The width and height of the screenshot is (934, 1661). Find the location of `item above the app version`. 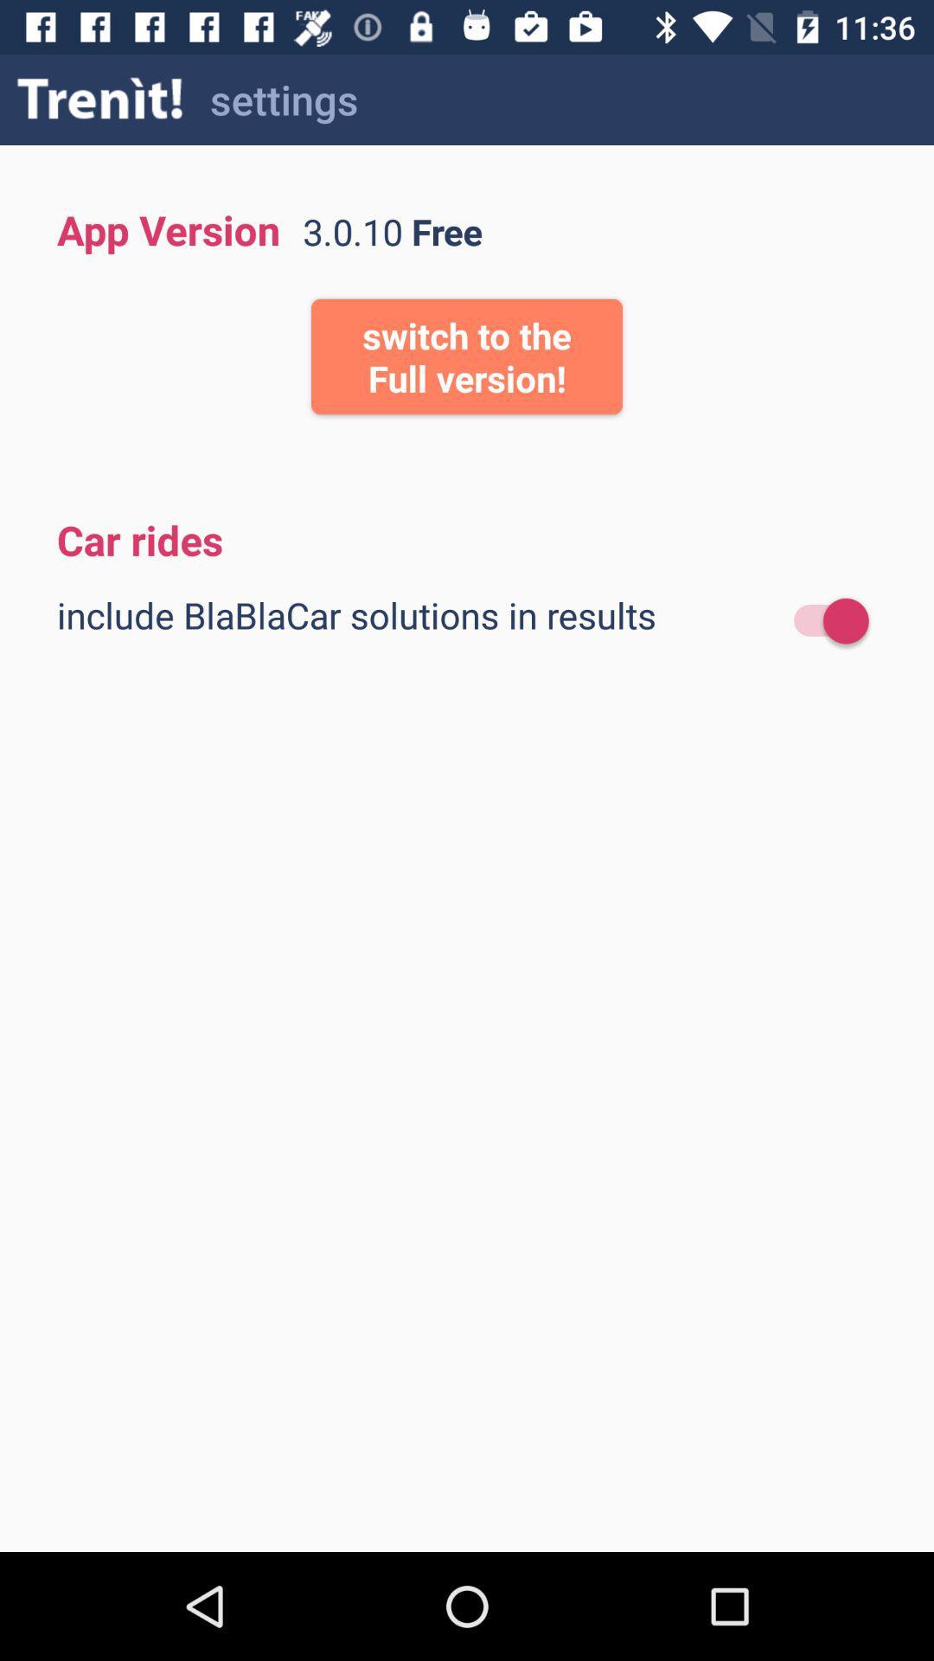

item above the app version is located at coordinates (100, 99).